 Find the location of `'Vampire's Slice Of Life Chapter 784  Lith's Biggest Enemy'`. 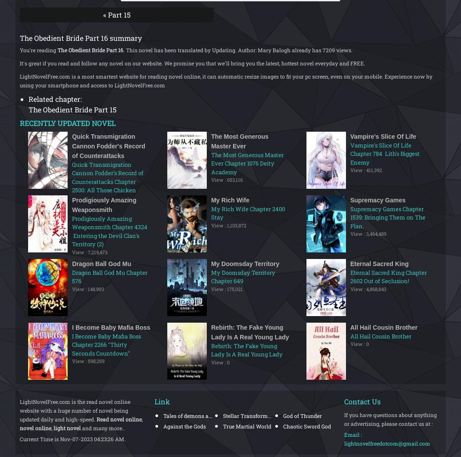

'Vampire's Slice Of Life Chapter 784  Lith's Biggest Enemy' is located at coordinates (384, 153).